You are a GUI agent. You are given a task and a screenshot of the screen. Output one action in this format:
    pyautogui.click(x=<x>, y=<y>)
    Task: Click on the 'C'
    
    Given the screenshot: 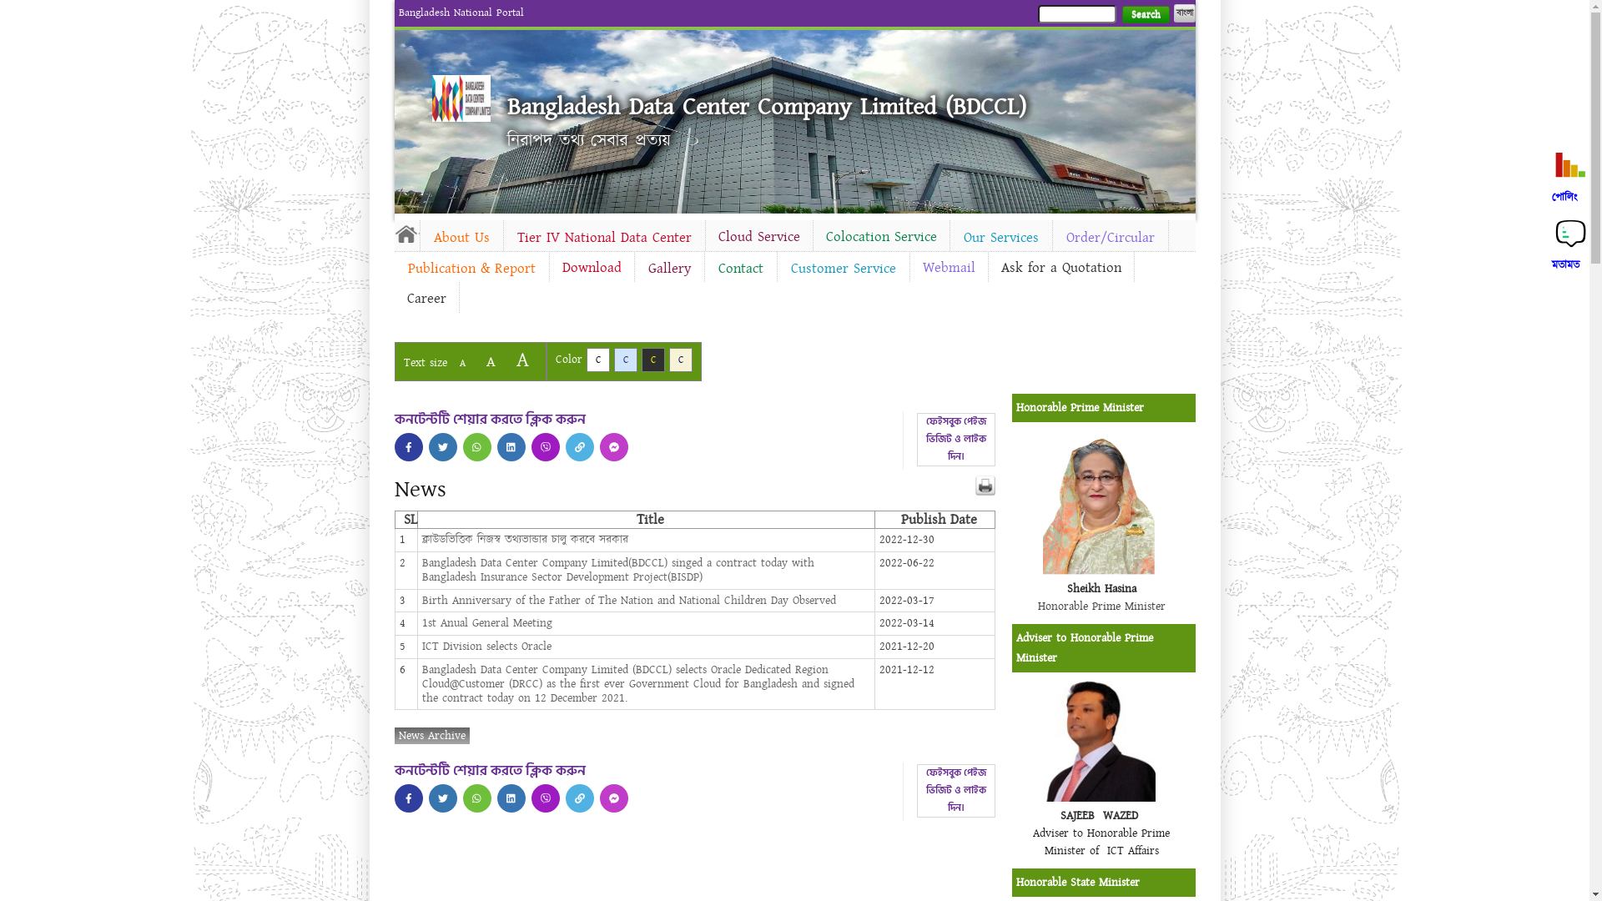 What is the action you would take?
    pyautogui.click(x=624, y=359)
    